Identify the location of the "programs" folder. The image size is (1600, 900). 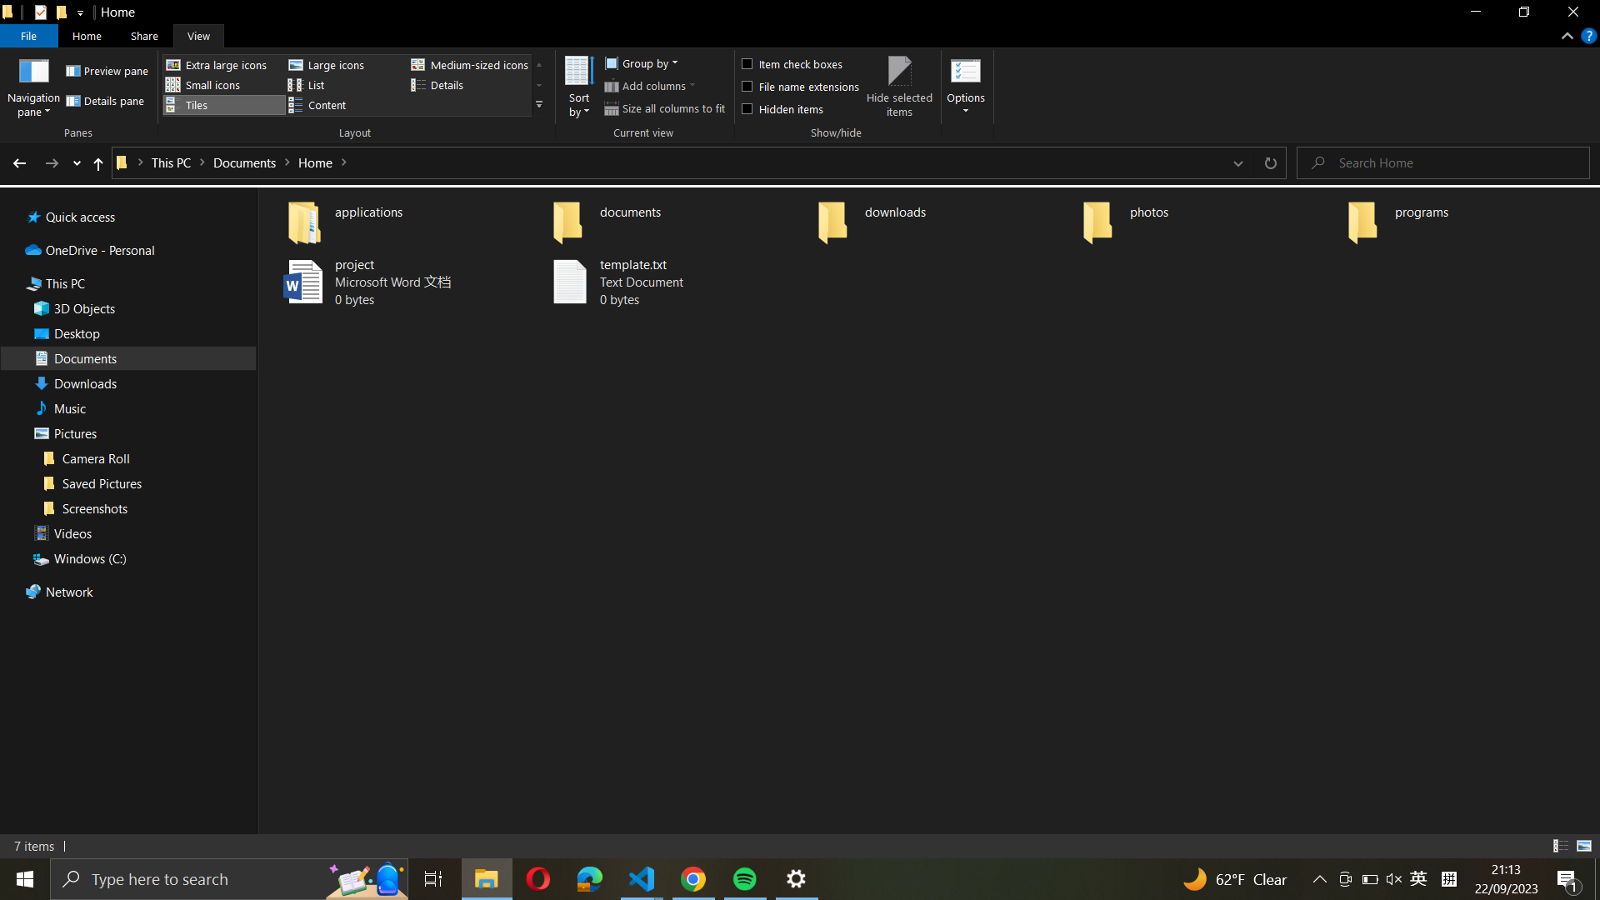
(1468, 217).